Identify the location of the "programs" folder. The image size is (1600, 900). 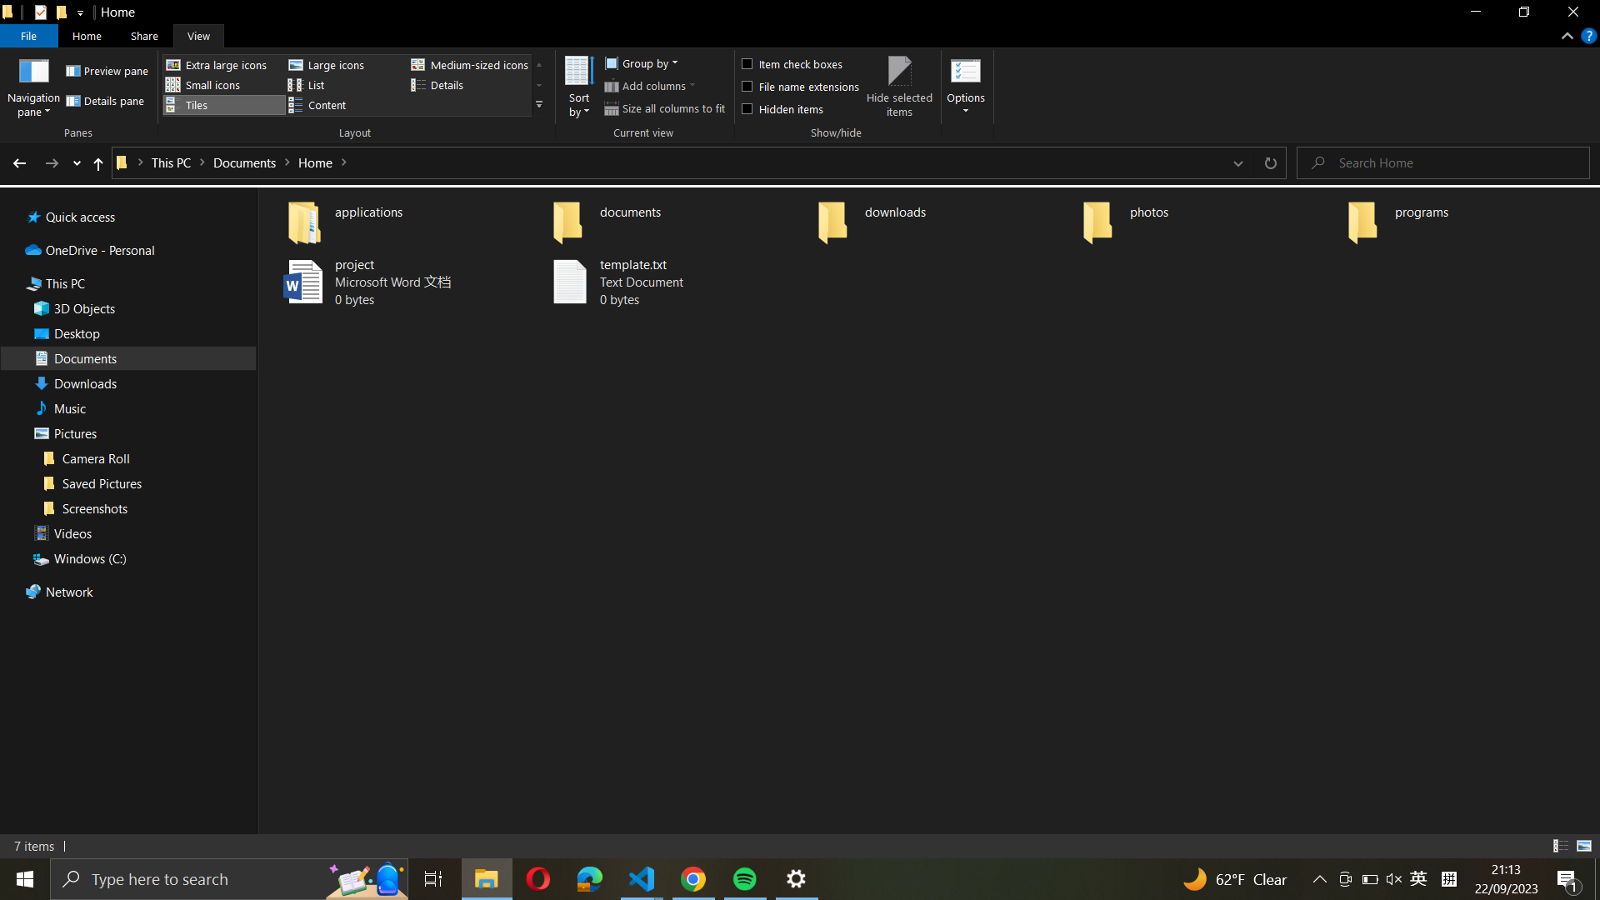
(1468, 217).